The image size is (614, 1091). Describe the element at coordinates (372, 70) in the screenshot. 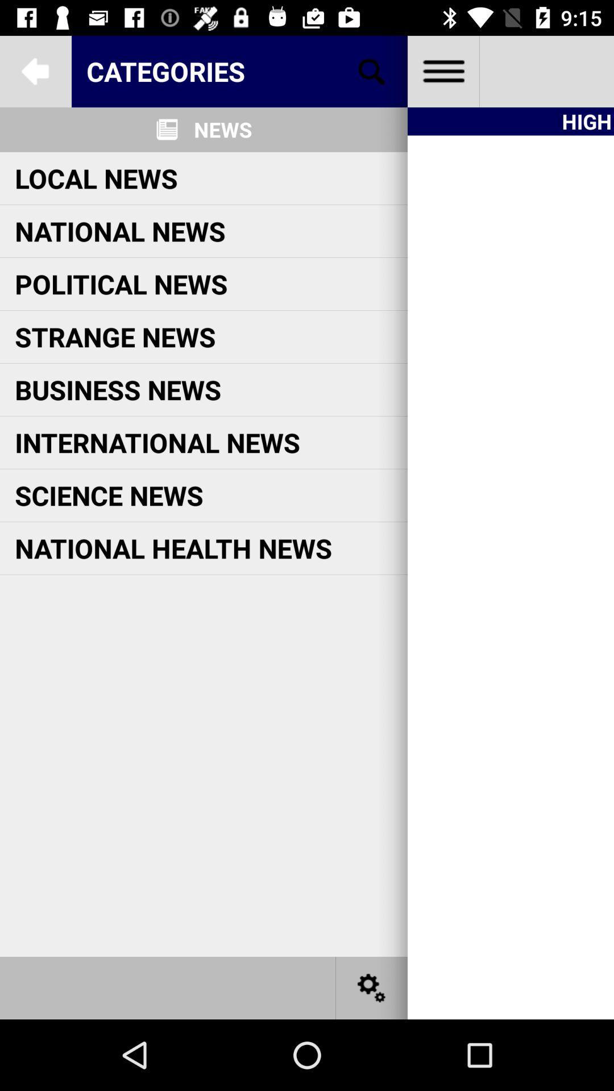

I see `the search icon` at that location.